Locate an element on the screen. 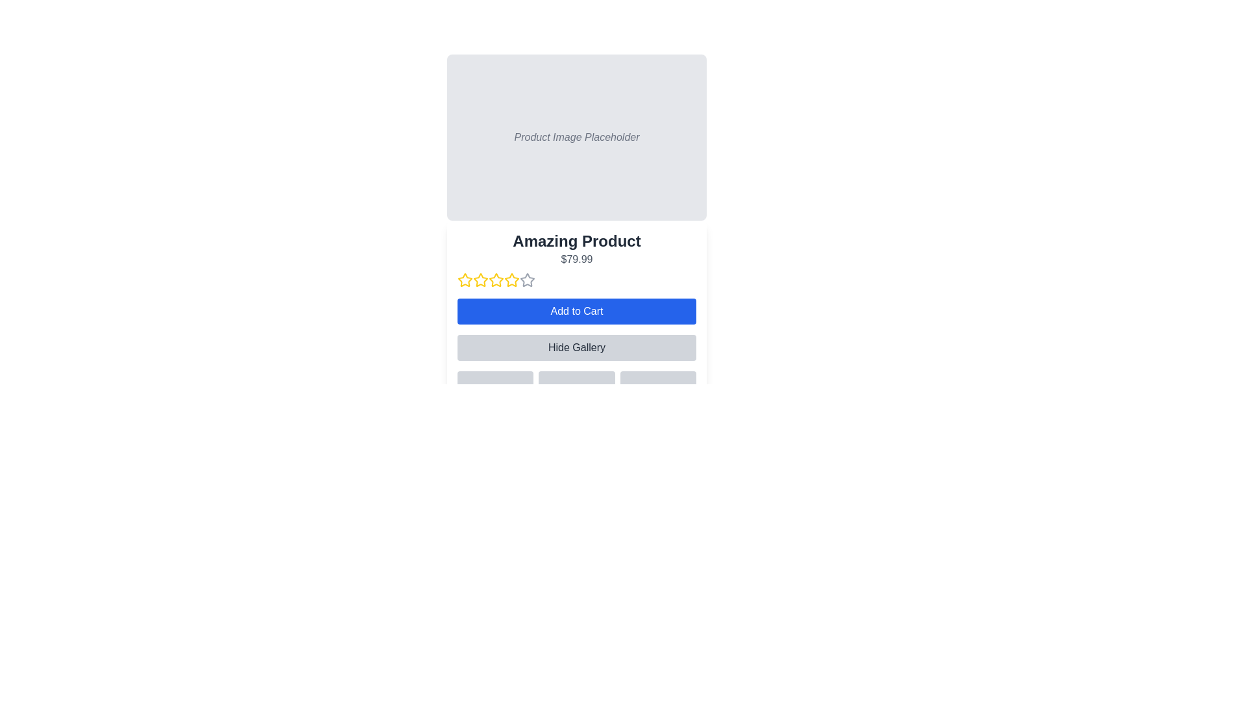  over the first star-shaped rating icon with a yellow border is located at coordinates (465, 279).